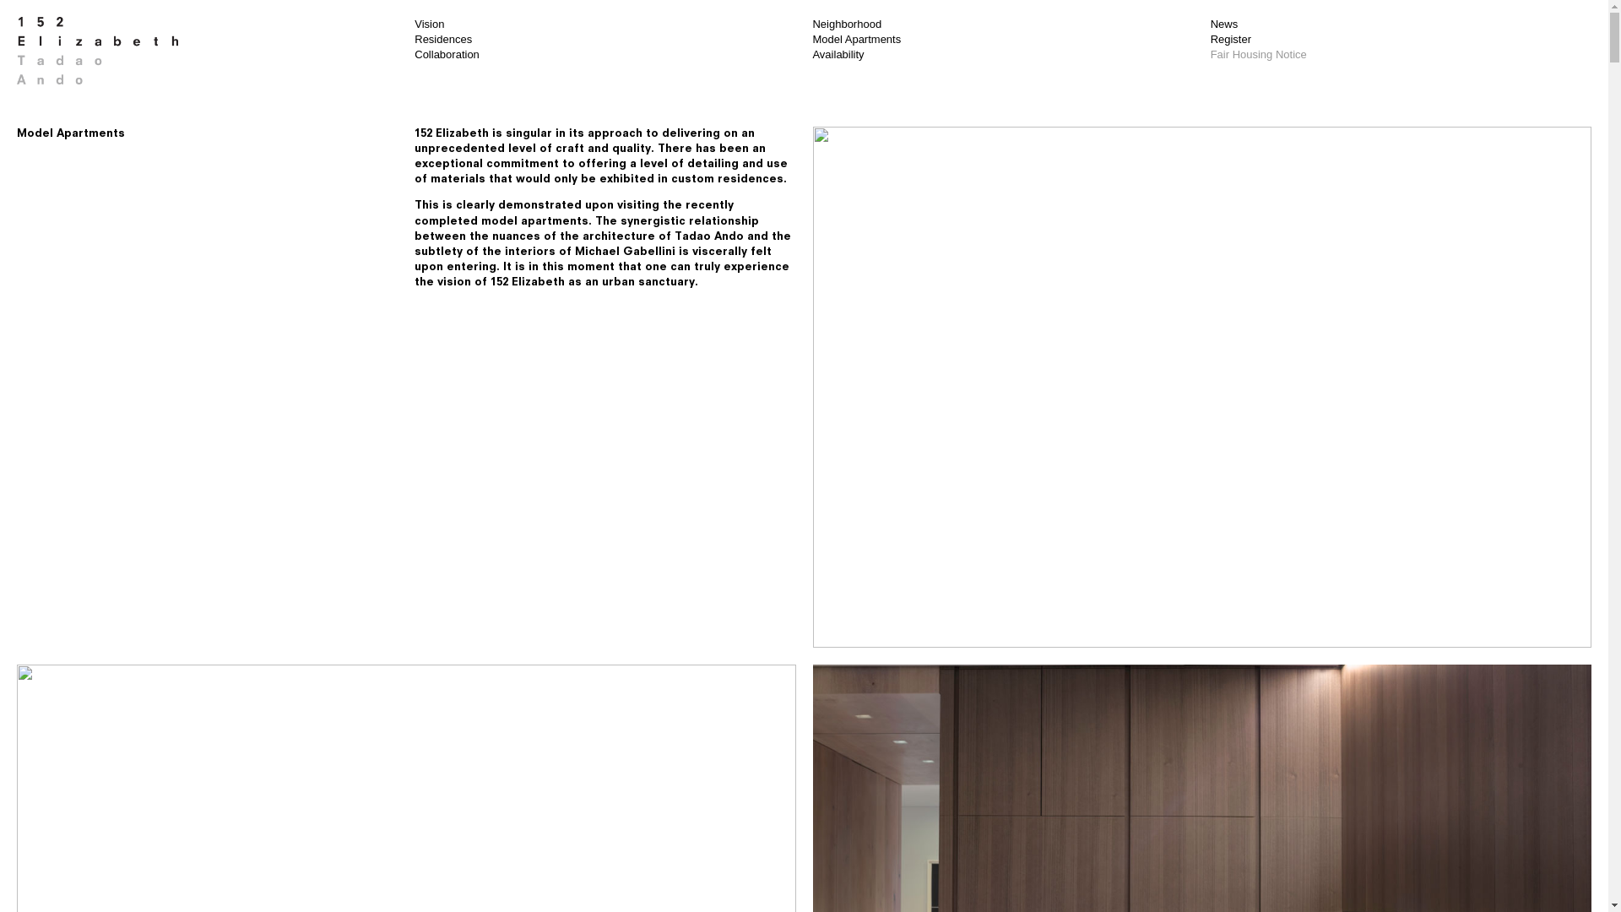  I want to click on 'Collaboration', so click(447, 53).